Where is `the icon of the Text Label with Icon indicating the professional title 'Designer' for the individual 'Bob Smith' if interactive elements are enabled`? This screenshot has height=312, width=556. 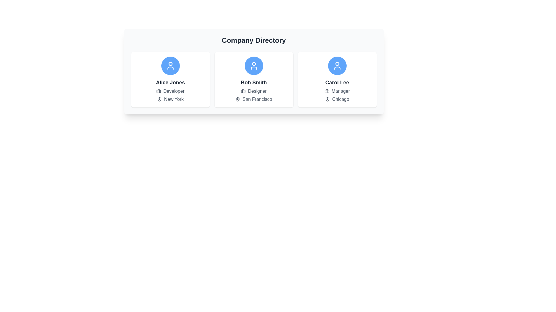 the icon of the Text Label with Icon indicating the professional title 'Designer' for the individual 'Bob Smith' if interactive elements are enabled is located at coordinates (254, 91).